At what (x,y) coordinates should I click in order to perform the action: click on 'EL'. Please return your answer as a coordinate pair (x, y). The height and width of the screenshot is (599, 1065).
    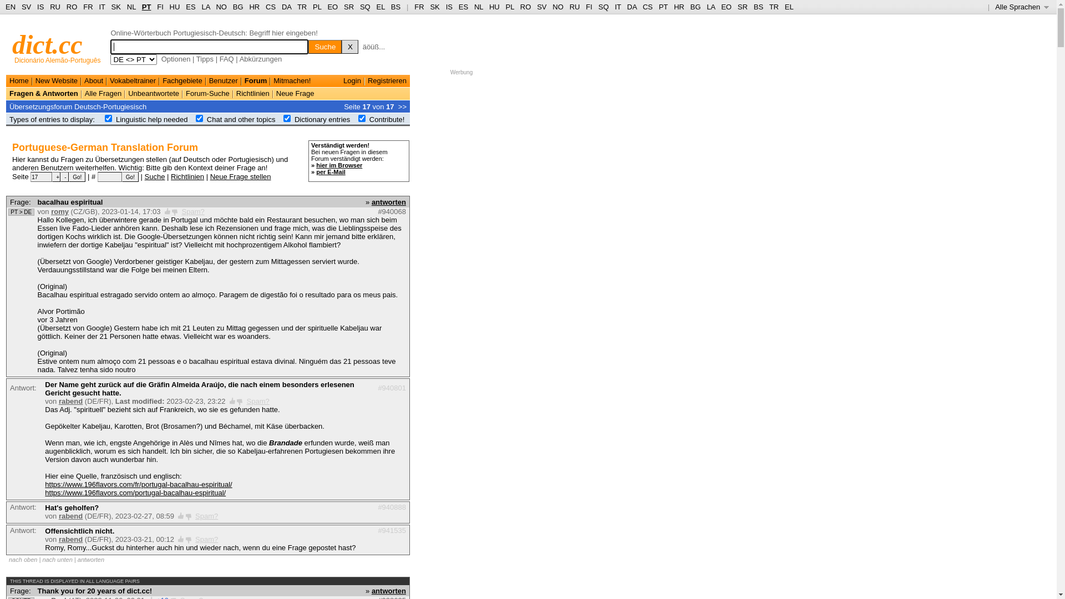
    Looking at the image, I should click on (381, 7).